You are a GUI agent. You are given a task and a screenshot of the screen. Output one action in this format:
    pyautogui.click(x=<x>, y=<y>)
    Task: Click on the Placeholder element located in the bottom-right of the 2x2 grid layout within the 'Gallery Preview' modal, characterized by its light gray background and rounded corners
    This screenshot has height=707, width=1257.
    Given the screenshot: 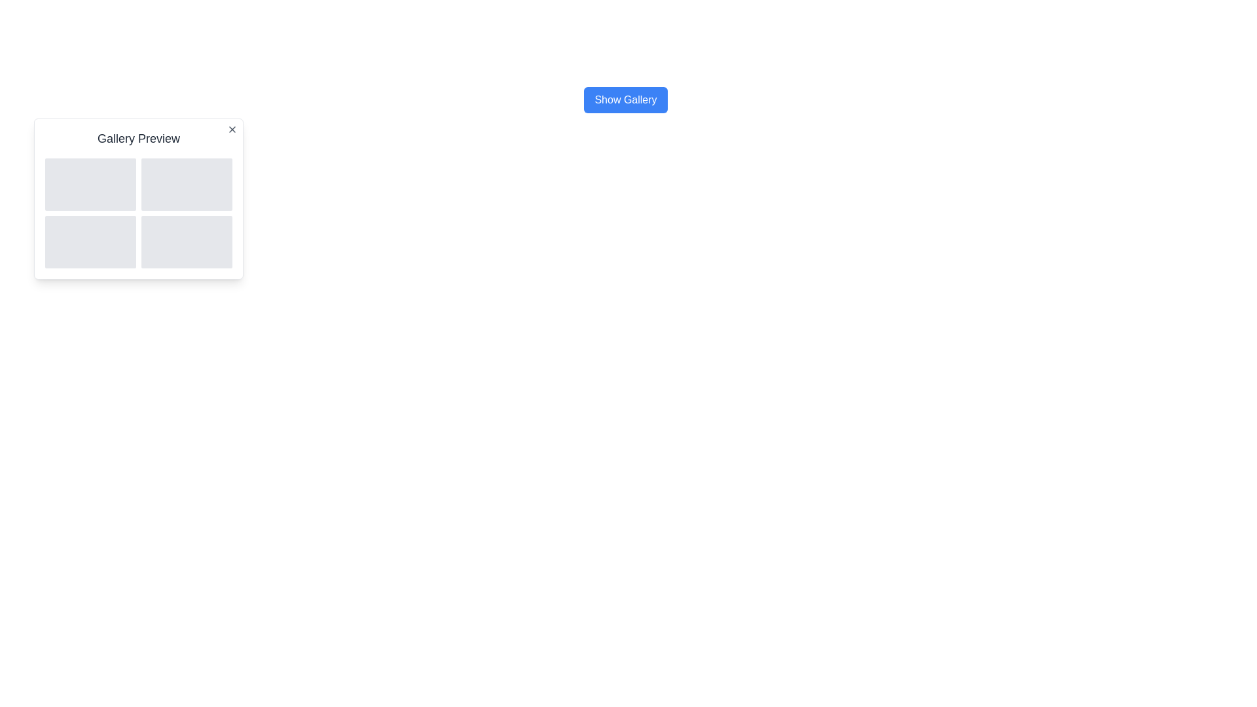 What is the action you would take?
    pyautogui.click(x=186, y=242)
    